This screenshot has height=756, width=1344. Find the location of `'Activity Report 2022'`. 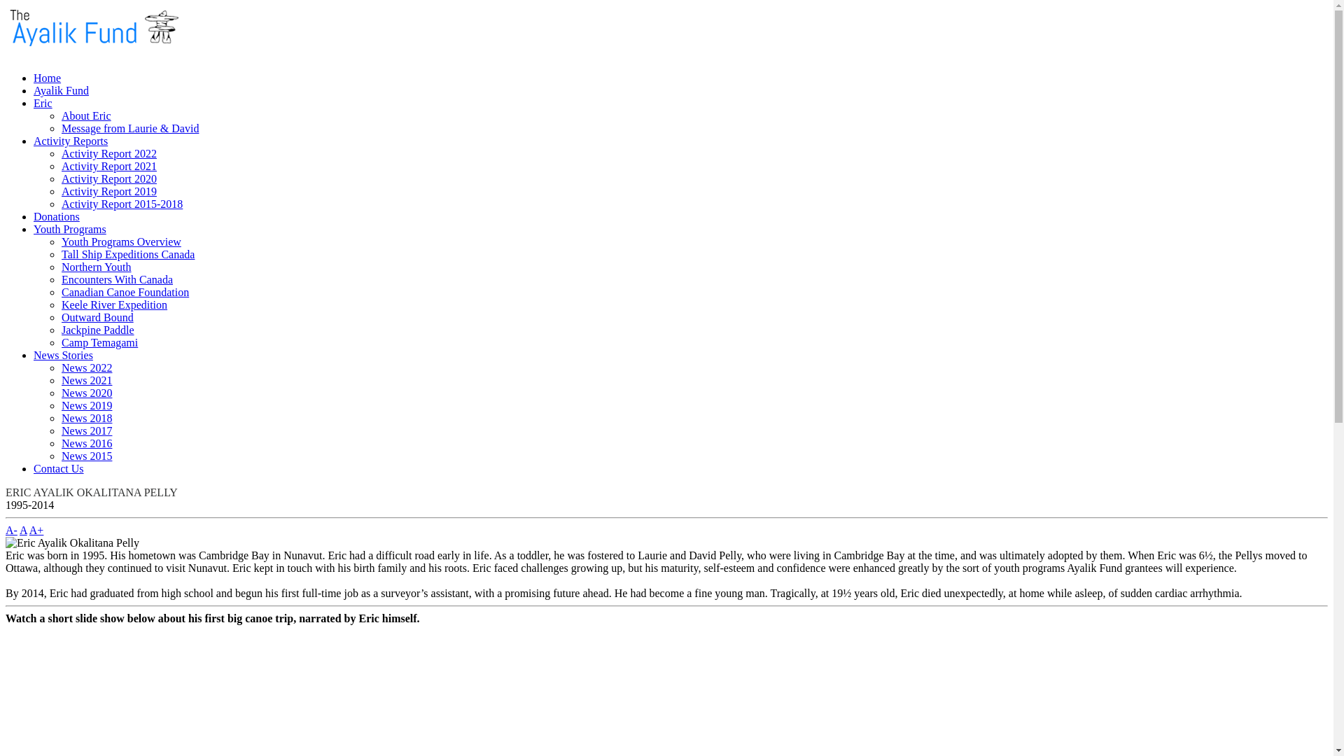

'Activity Report 2022' is located at coordinates (108, 153).